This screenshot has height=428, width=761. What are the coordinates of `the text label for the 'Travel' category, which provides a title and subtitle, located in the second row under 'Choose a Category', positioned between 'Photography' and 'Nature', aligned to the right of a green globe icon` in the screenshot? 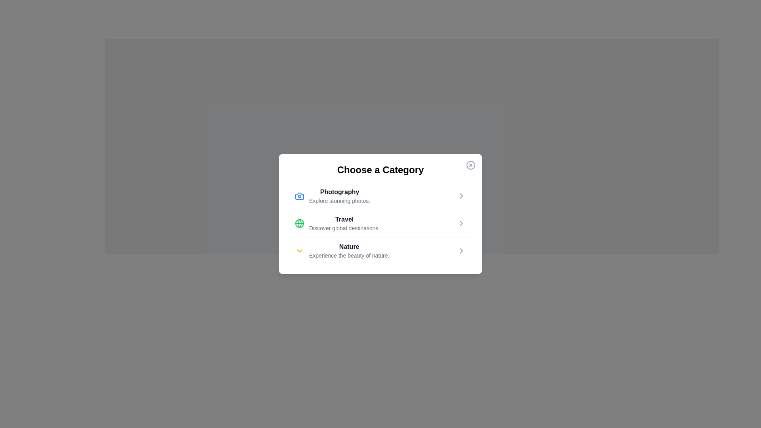 It's located at (344, 223).